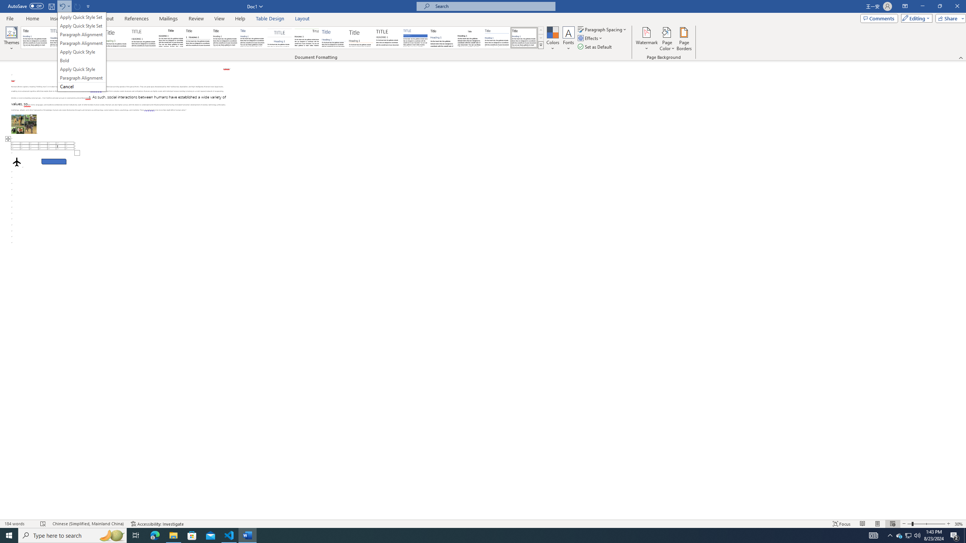 This screenshot has width=966, height=543. I want to click on 'Casual', so click(252, 37).